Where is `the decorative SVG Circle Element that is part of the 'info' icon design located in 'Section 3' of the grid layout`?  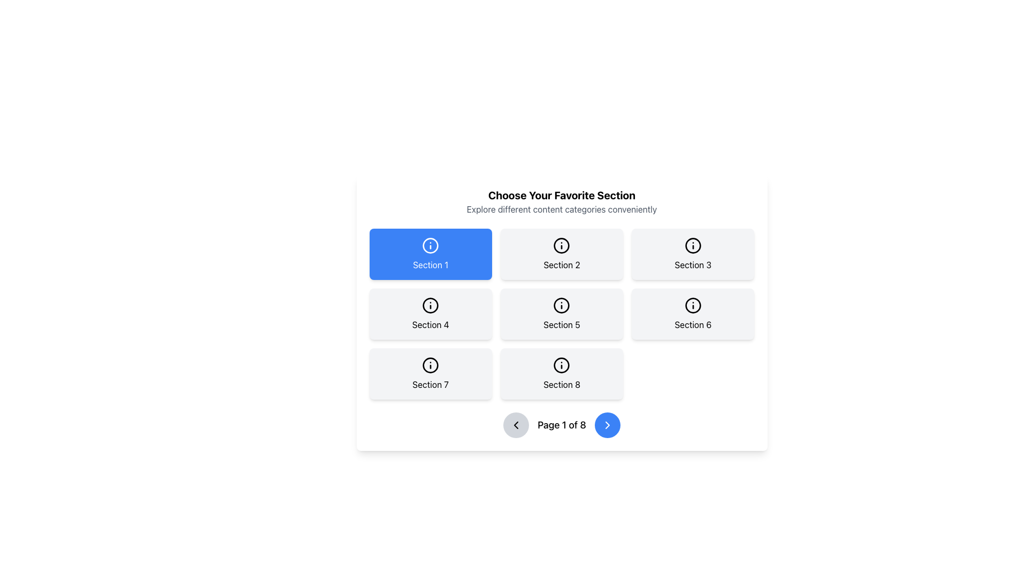 the decorative SVG Circle Element that is part of the 'info' icon design located in 'Section 3' of the grid layout is located at coordinates (693, 245).